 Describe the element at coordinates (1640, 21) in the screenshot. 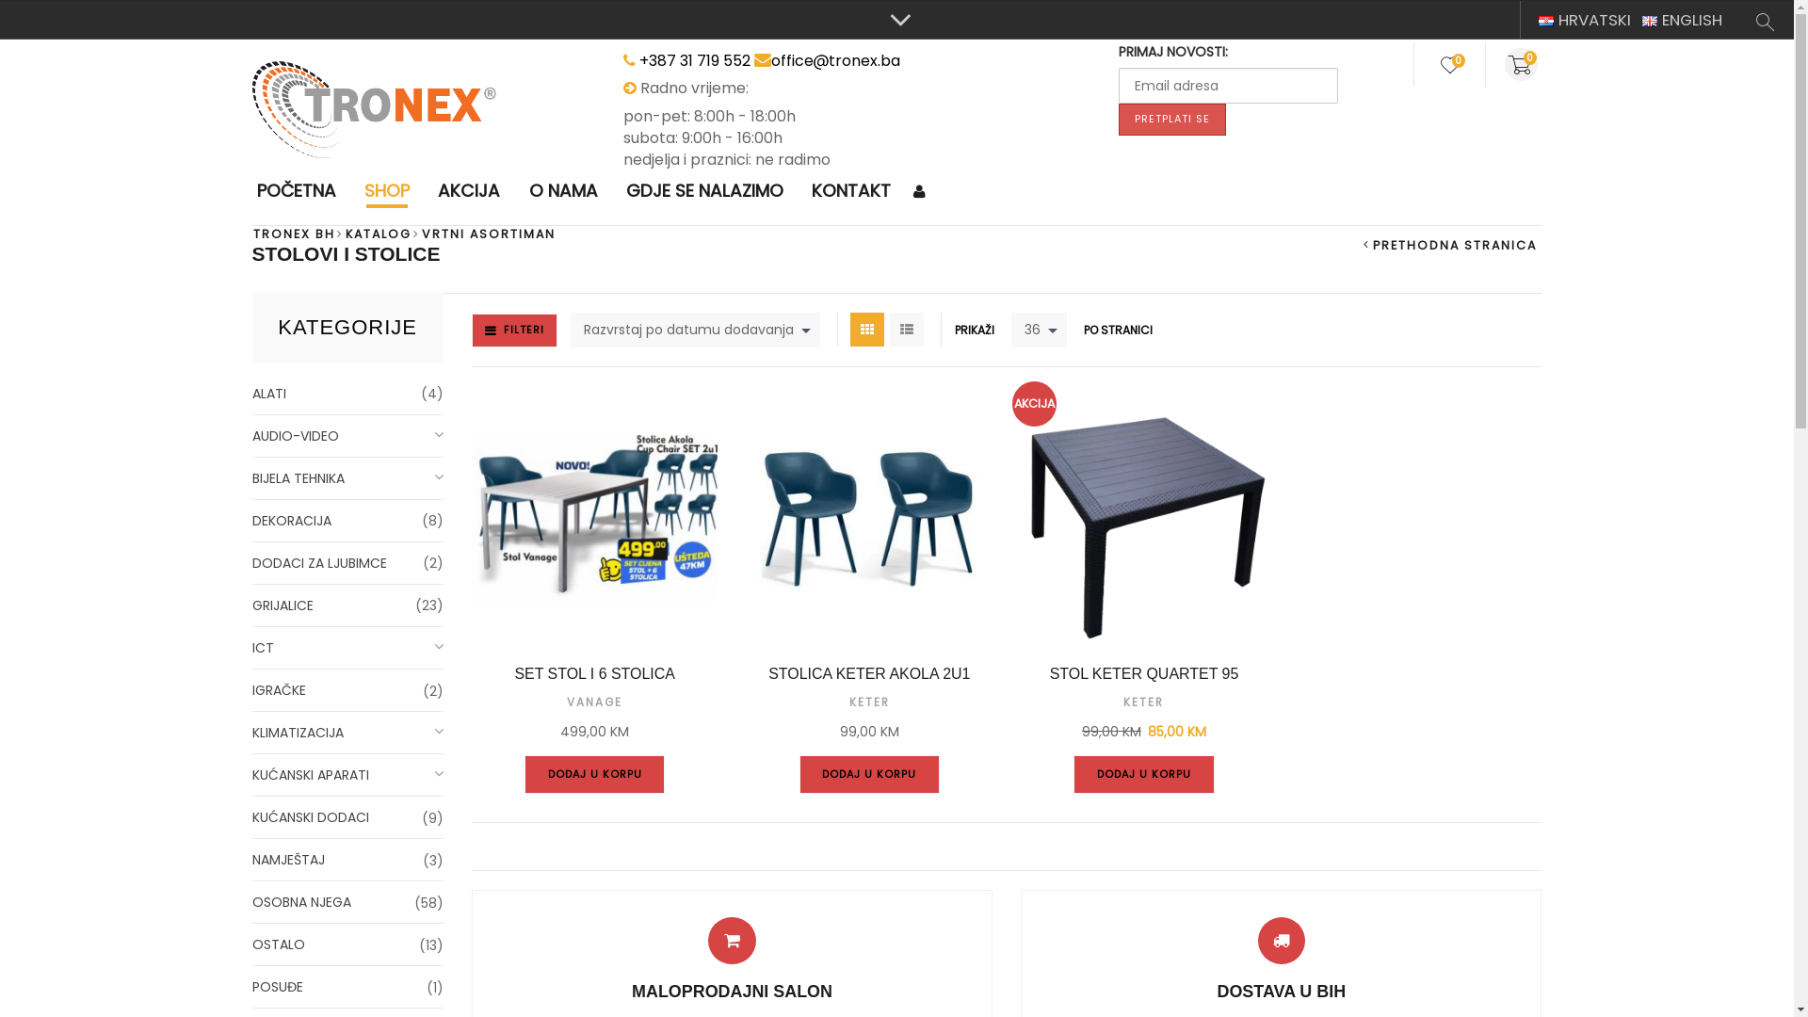

I see `'English'` at that location.